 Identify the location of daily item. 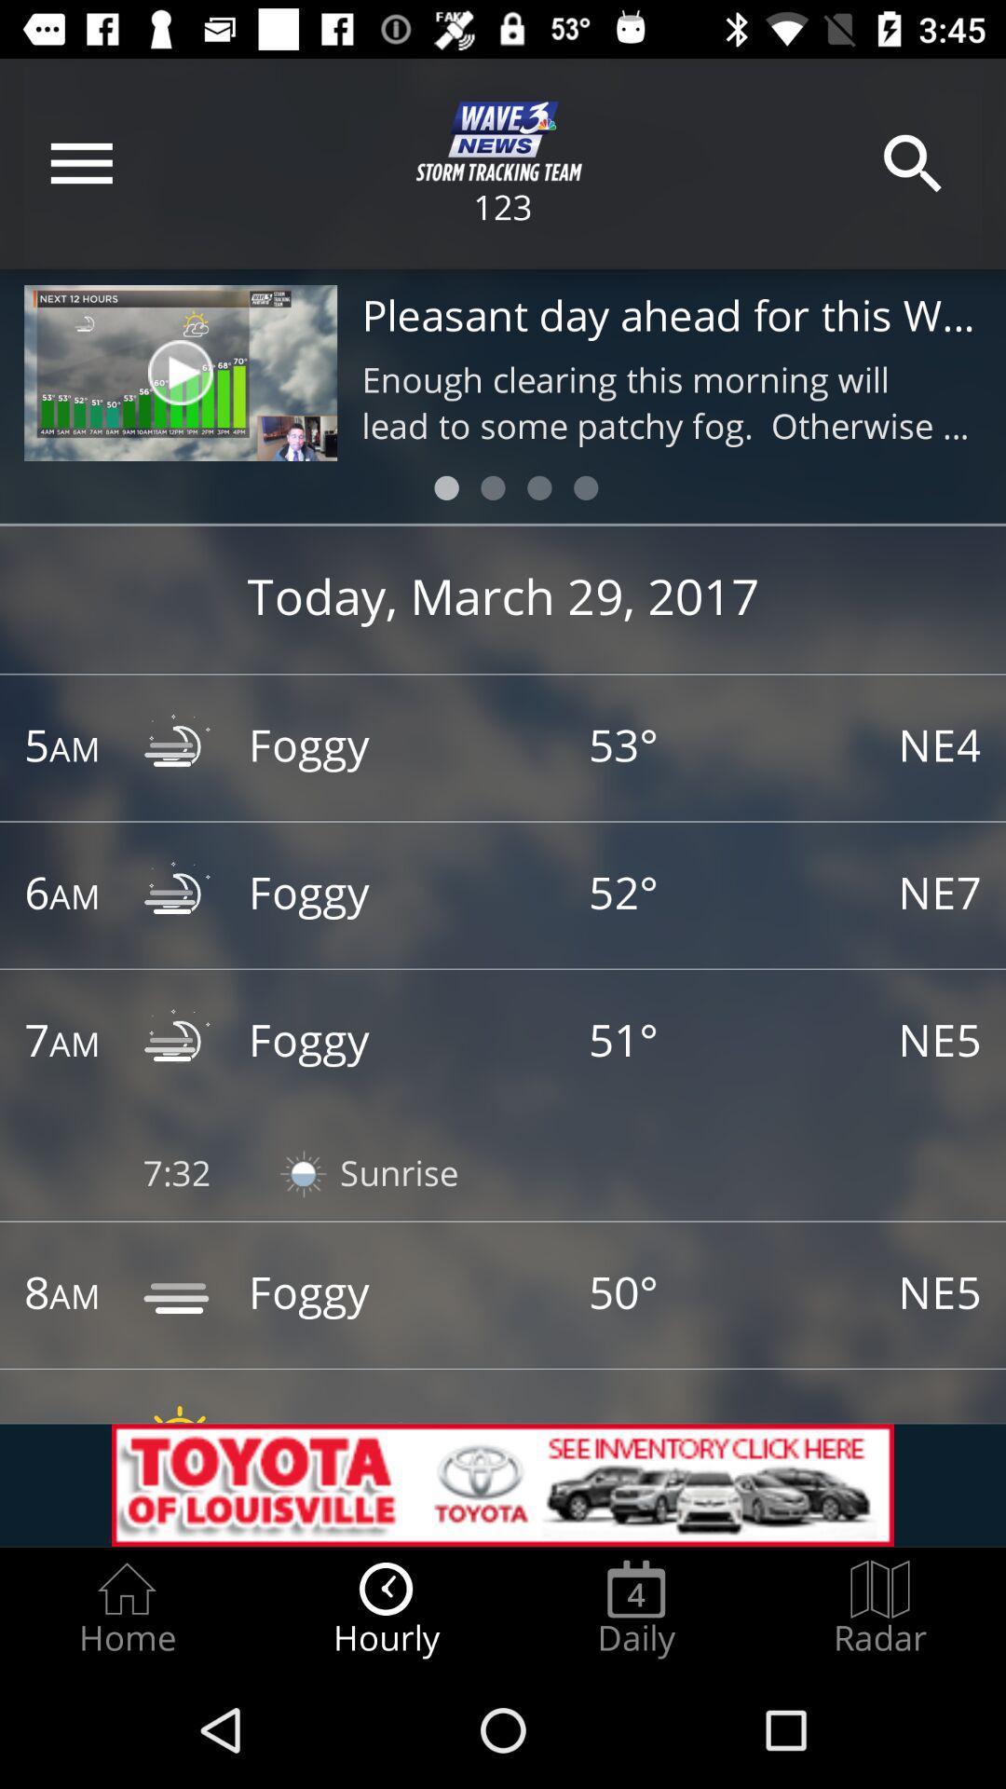
(635, 1608).